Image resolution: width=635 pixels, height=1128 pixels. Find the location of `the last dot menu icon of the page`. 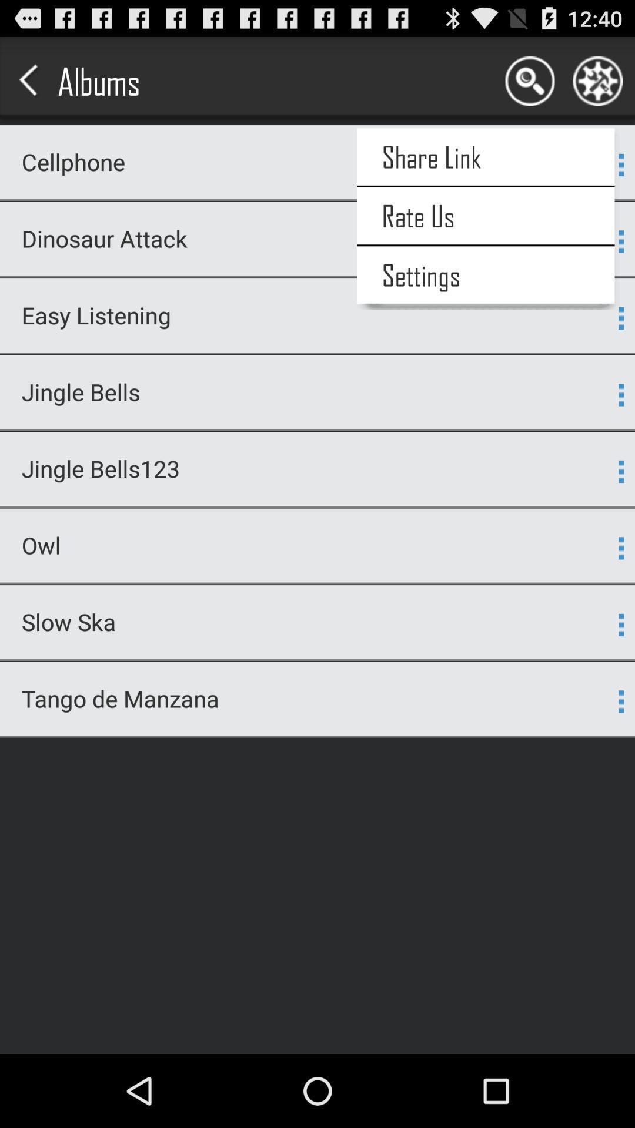

the last dot menu icon of the page is located at coordinates (620, 701).